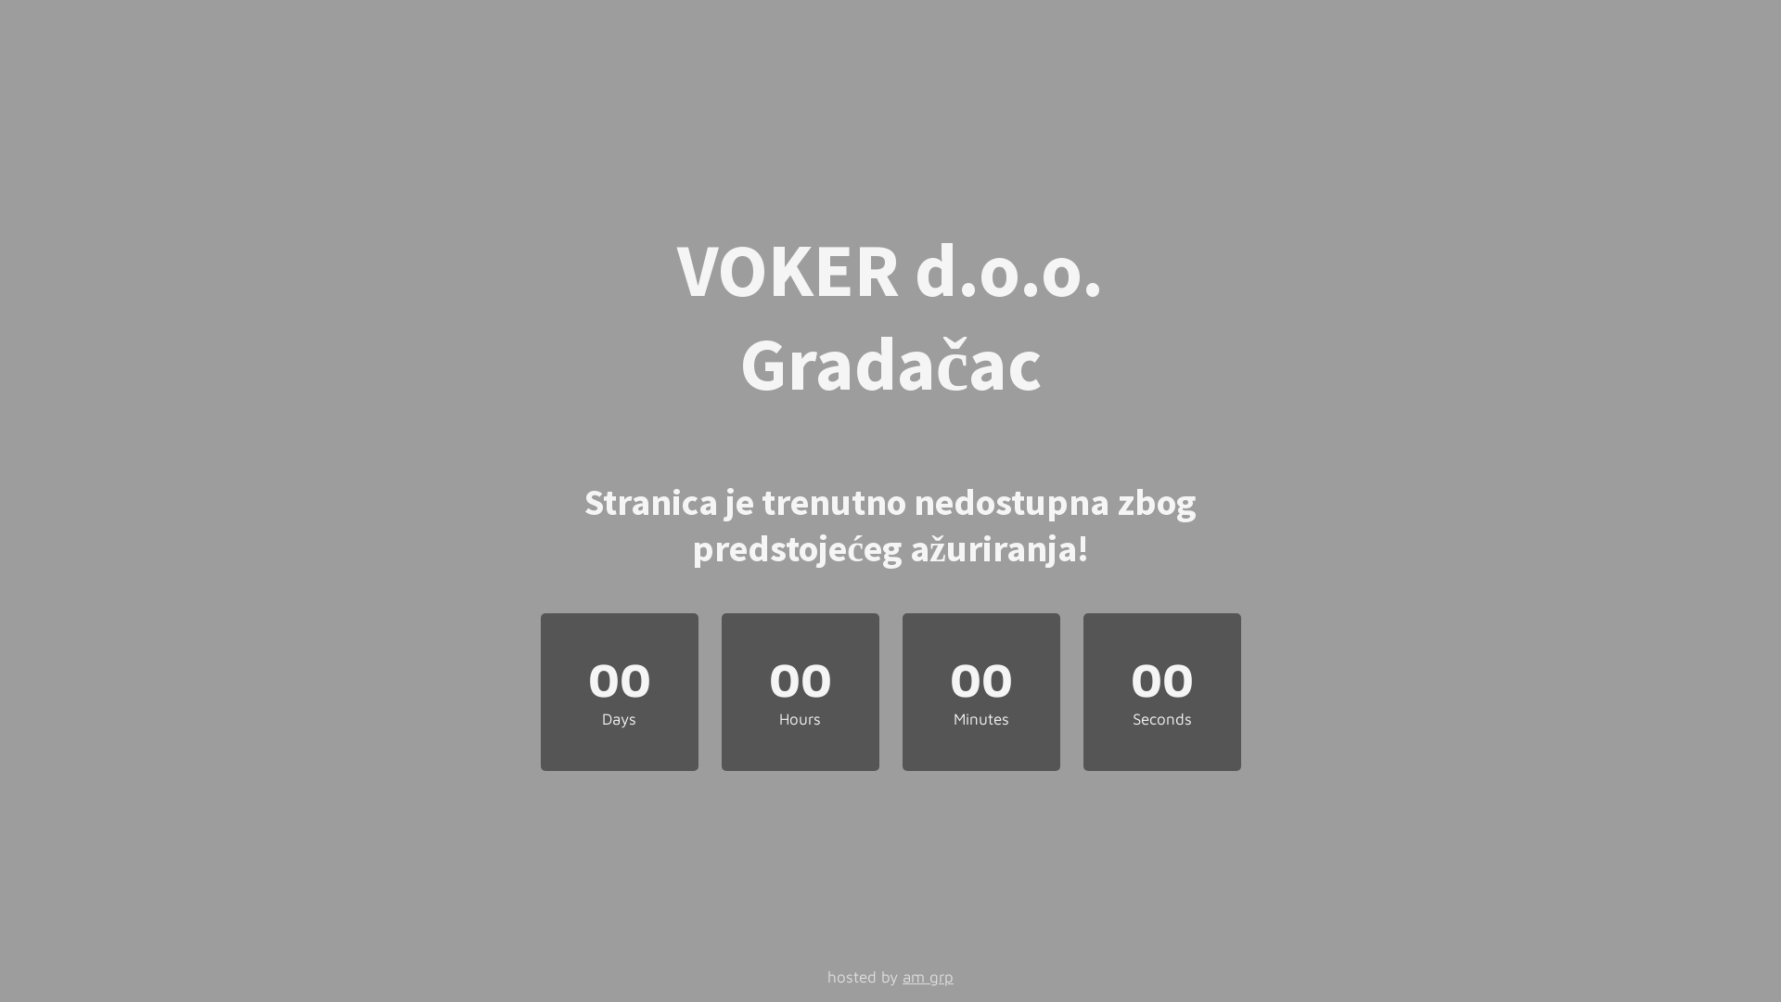 The width and height of the screenshot is (1781, 1002). Describe the element at coordinates (928, 976) in the screenshot. I see `'am grp'` at that location.